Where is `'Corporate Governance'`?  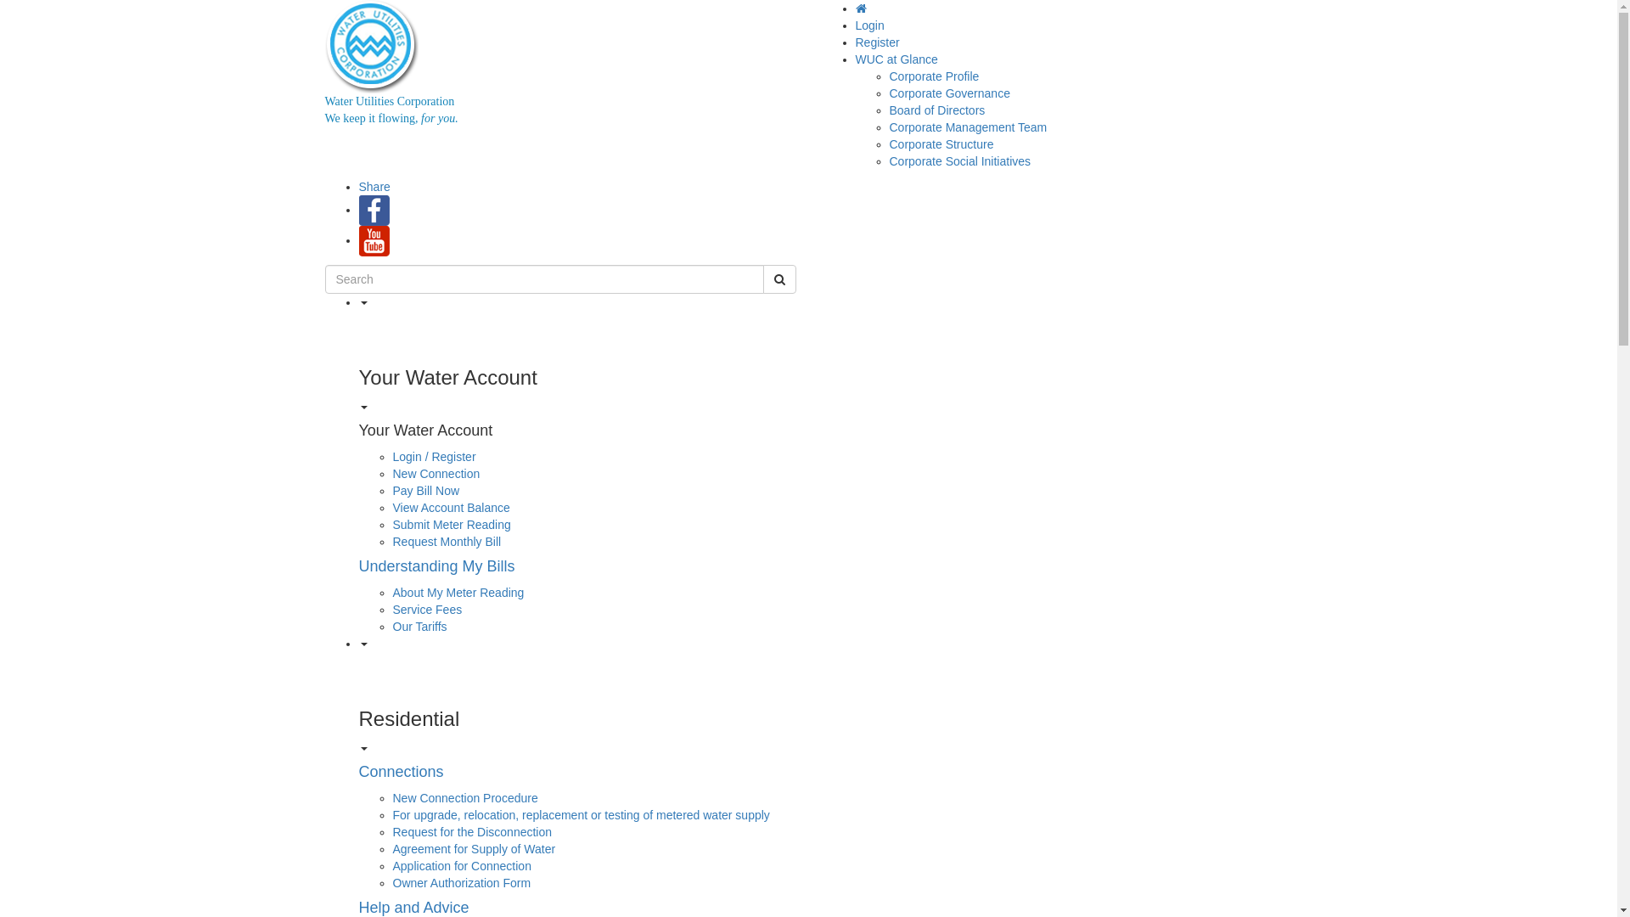 'Corporate Governance' is located at coordinates (948, 93).